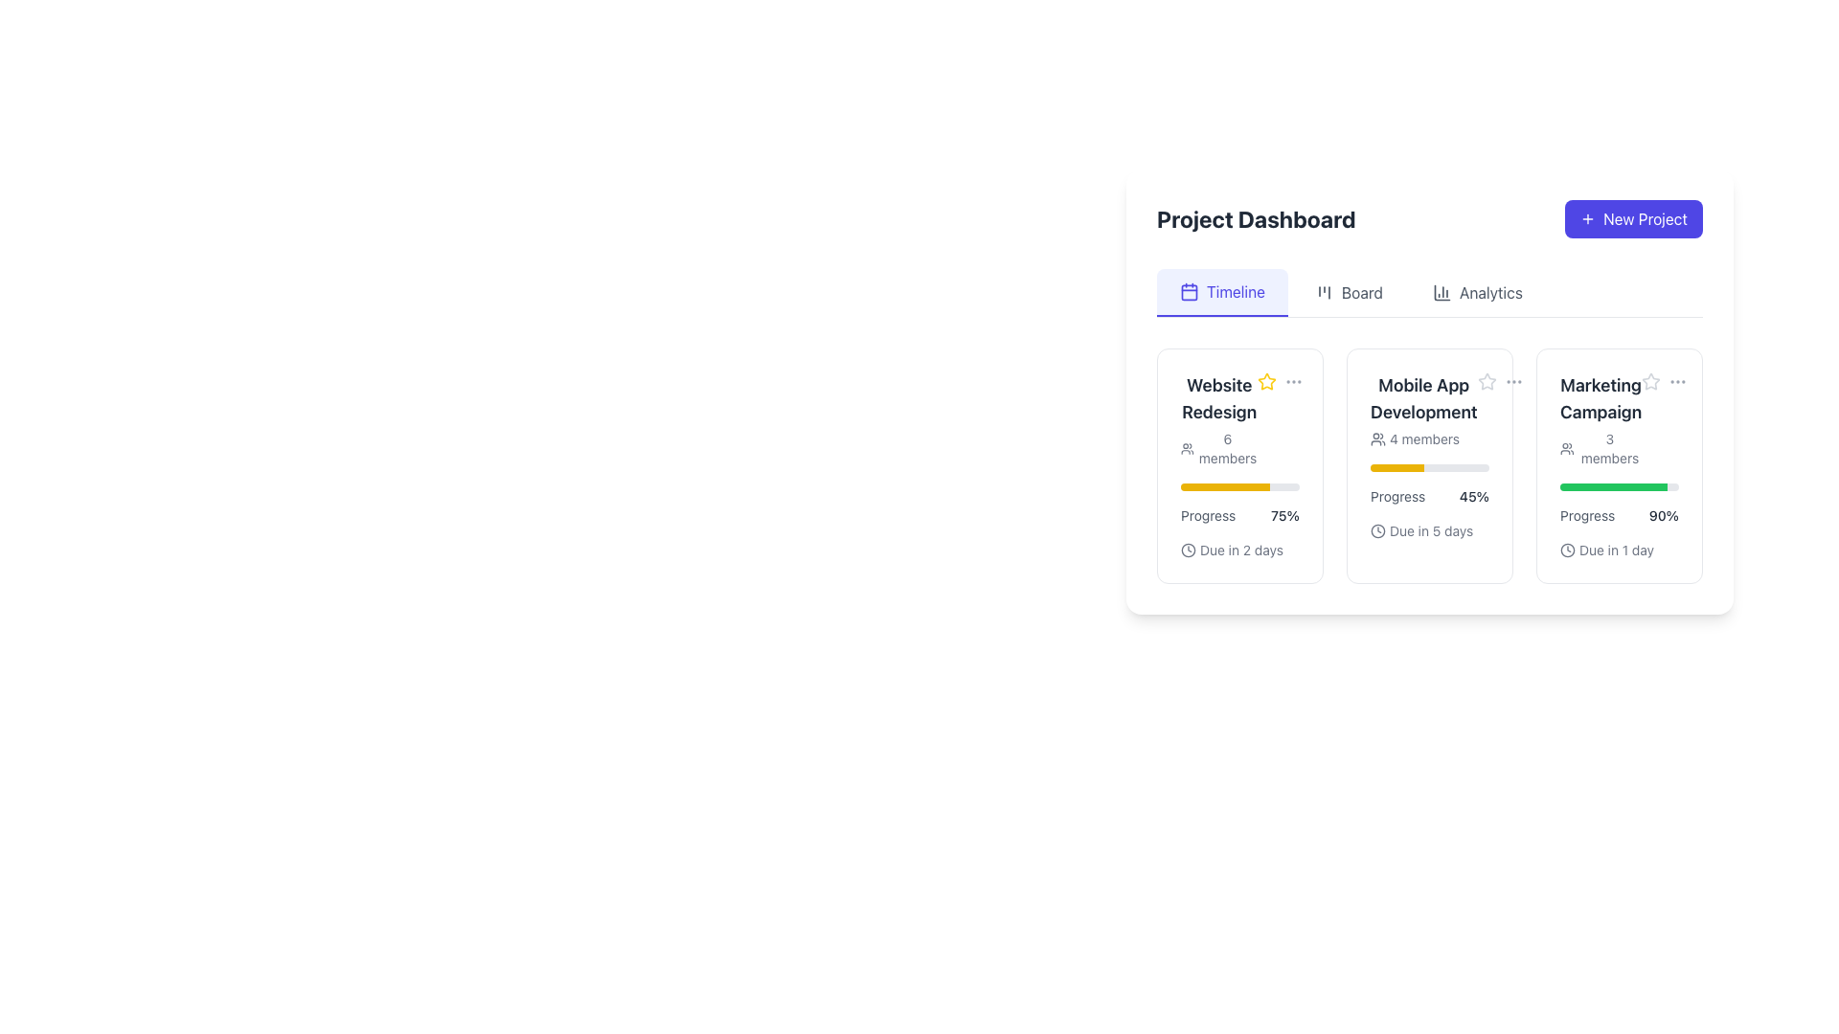 The width and height of the screenshot is (1839, 1034). What do you see at coordinates (1188, 550) in the screenshot?
I see `the clock icon located in the 'Due in 2 days' label on the 'Website Redesign' project card in the dashboard` at bounding box center [1188, 550].